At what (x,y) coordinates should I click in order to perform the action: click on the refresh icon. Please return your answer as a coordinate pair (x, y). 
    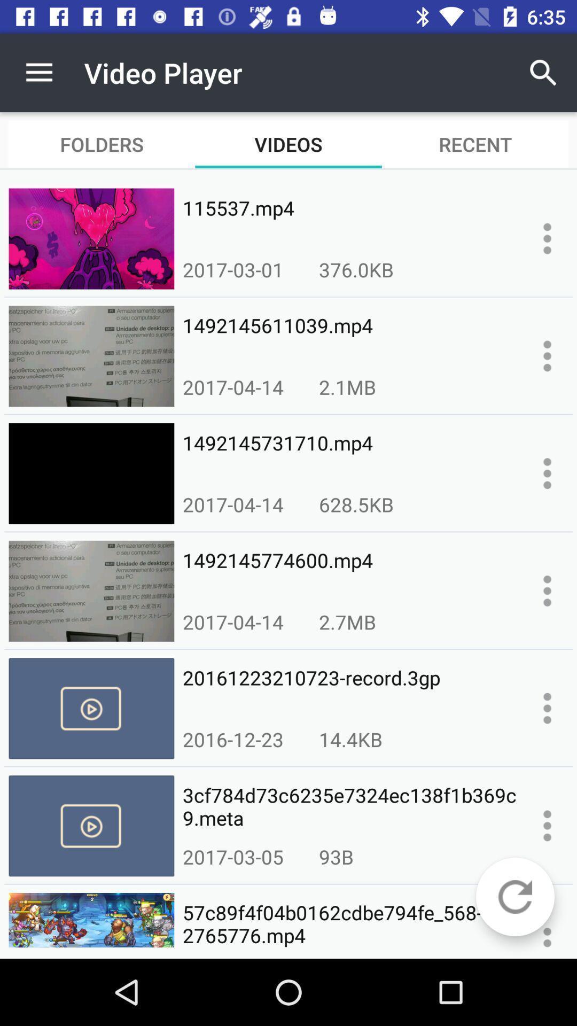
    Looking at the image, I should click on (514, 897).